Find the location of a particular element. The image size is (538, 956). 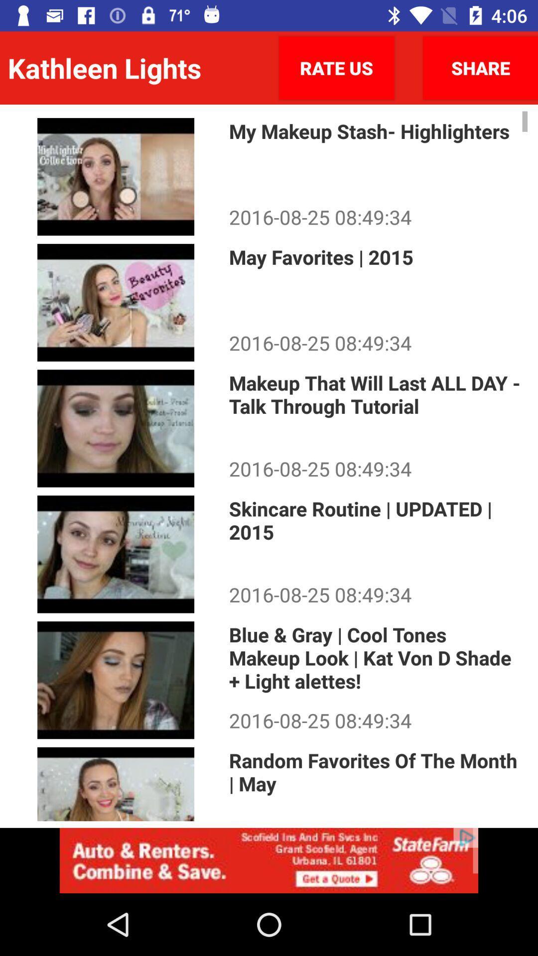

bottom advertisement is located at coordinates (269, 860).